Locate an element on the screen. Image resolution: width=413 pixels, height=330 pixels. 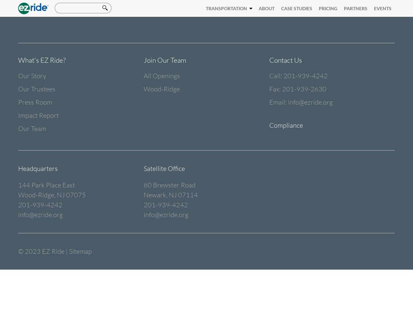
'Satellite Office' is located at coordinates (164, 168).